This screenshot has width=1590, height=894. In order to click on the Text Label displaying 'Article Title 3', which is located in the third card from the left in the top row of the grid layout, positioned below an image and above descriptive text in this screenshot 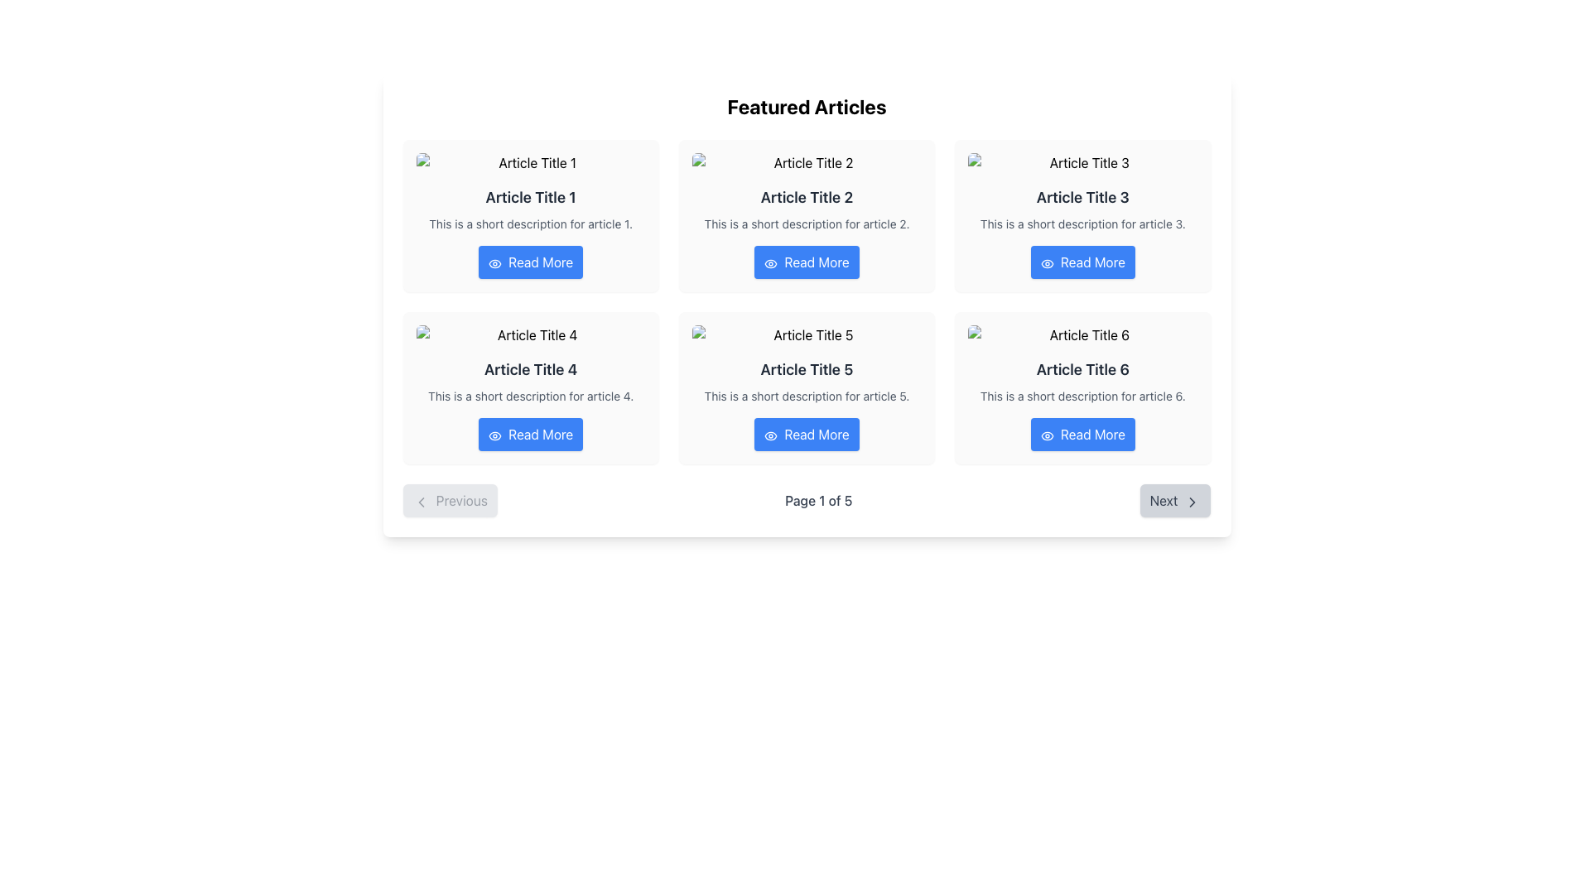, I will do `click(1082, 197)`.